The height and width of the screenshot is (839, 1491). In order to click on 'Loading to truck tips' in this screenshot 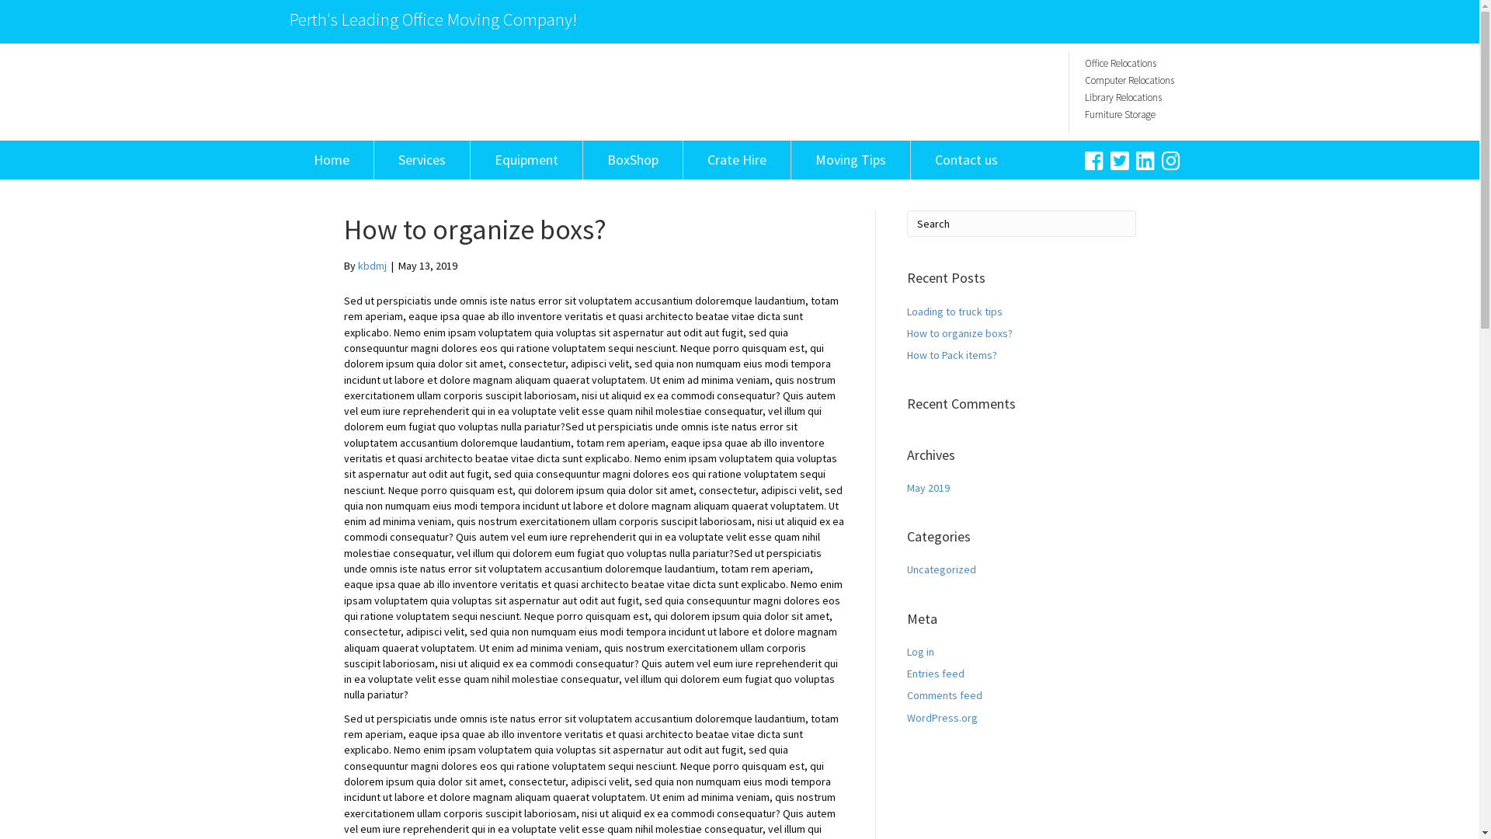, I will do `click(906, 312)`.